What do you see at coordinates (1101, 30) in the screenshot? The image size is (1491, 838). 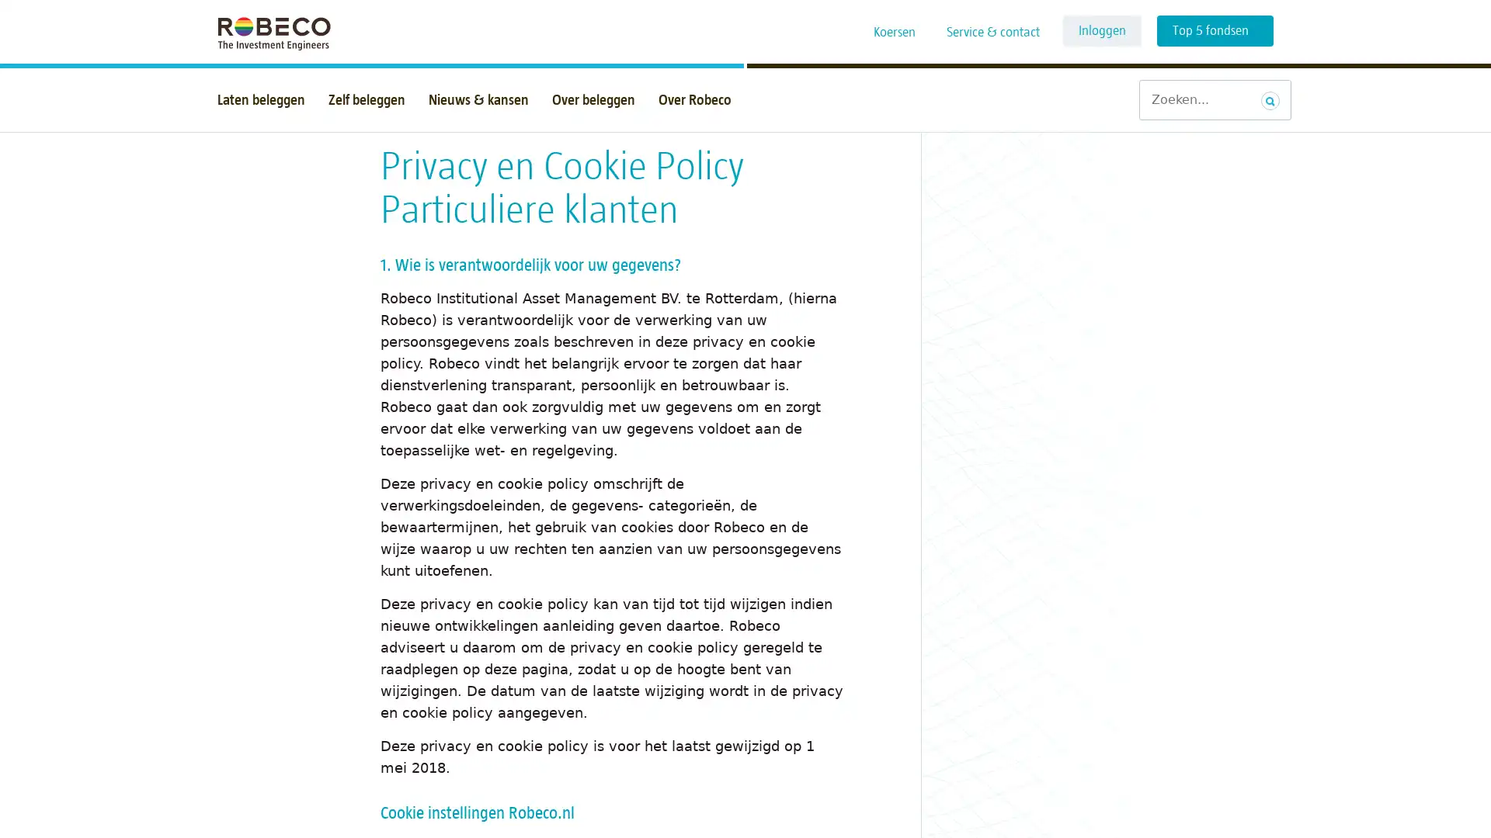 I see `Inloggen` at bounding box center [1101, 30].